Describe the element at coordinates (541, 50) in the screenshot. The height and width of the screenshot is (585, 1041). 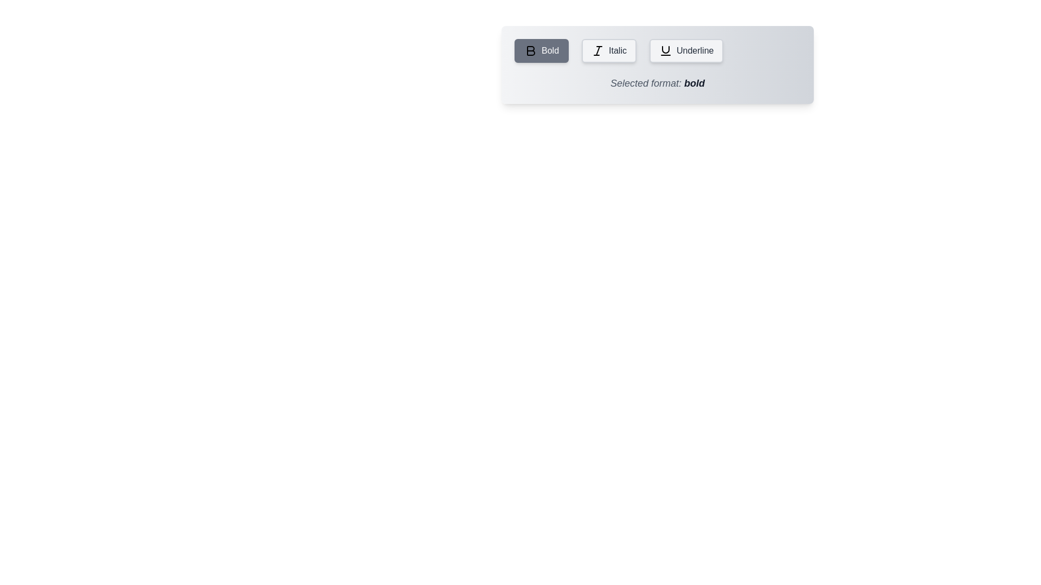
I see `the Bold button to select the corresponding text formatting option` at that location.